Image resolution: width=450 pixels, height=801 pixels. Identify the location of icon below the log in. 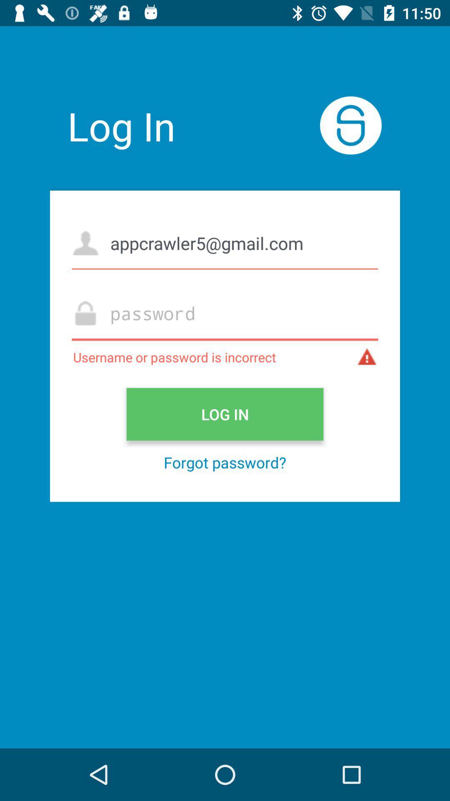
(225, 462).